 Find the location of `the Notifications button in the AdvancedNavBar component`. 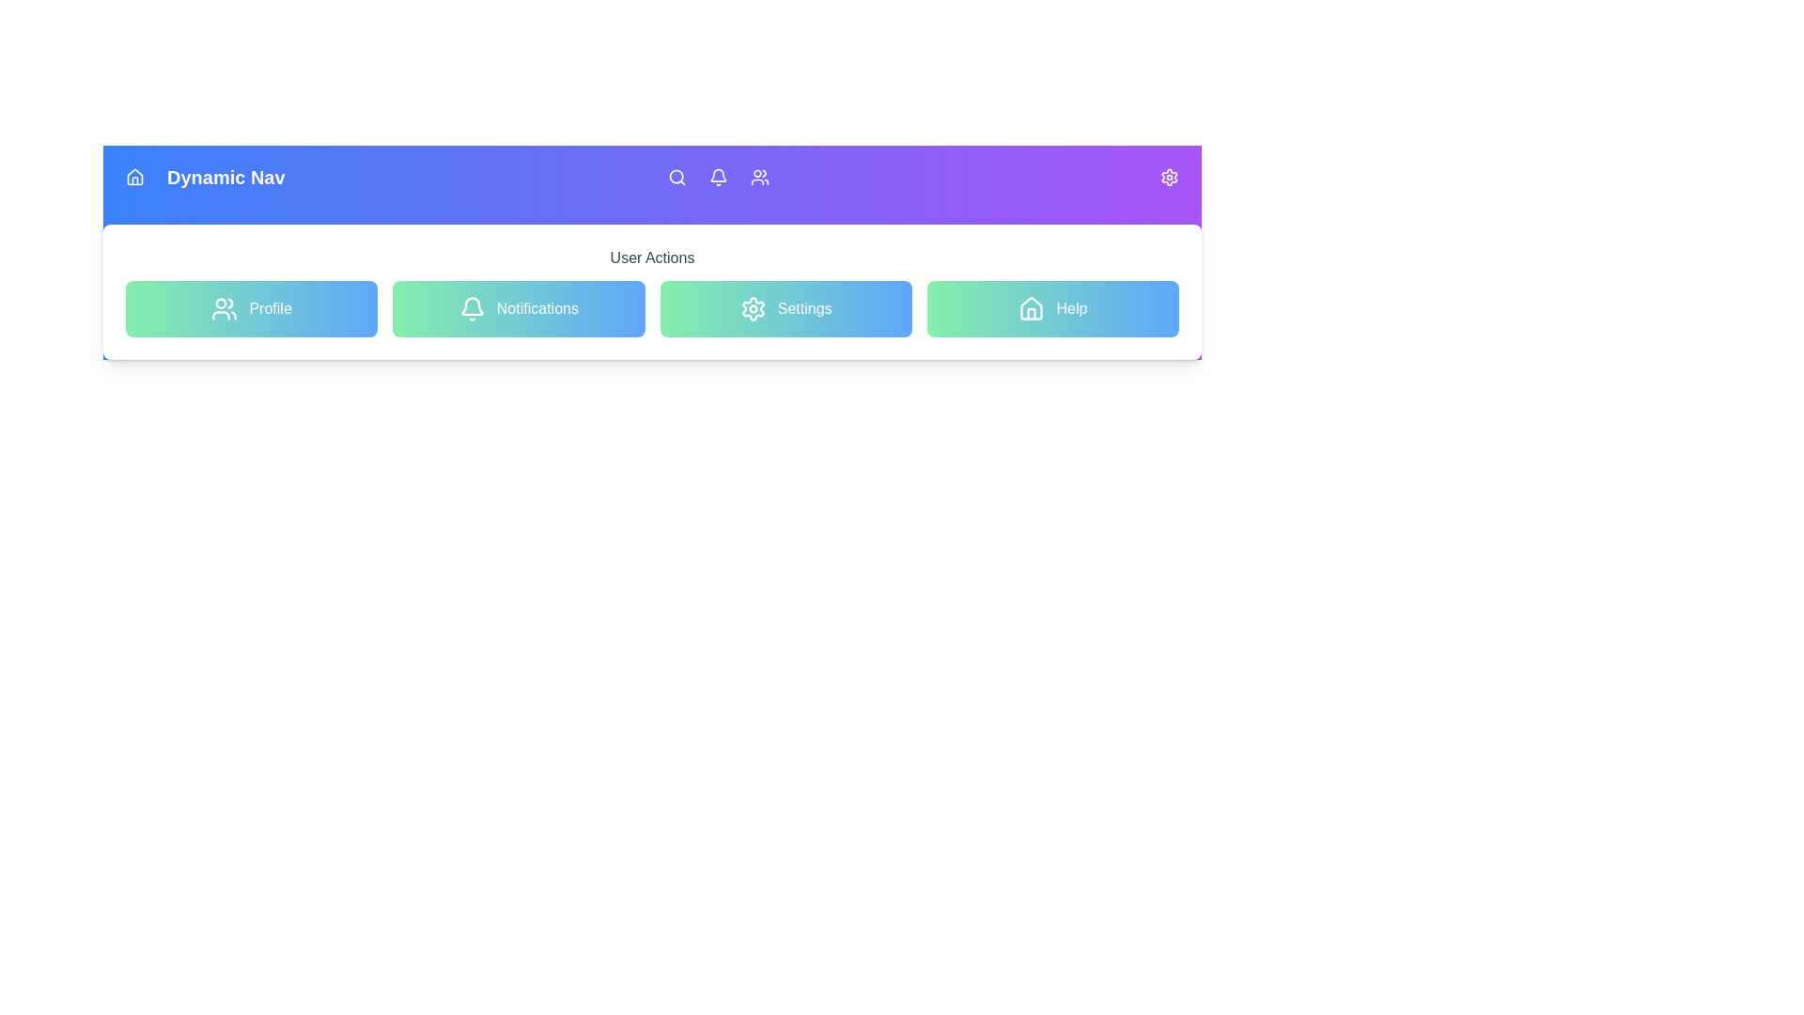

the Notifications button in the AdvancedNavBar component is located at coordinates (519, 307).